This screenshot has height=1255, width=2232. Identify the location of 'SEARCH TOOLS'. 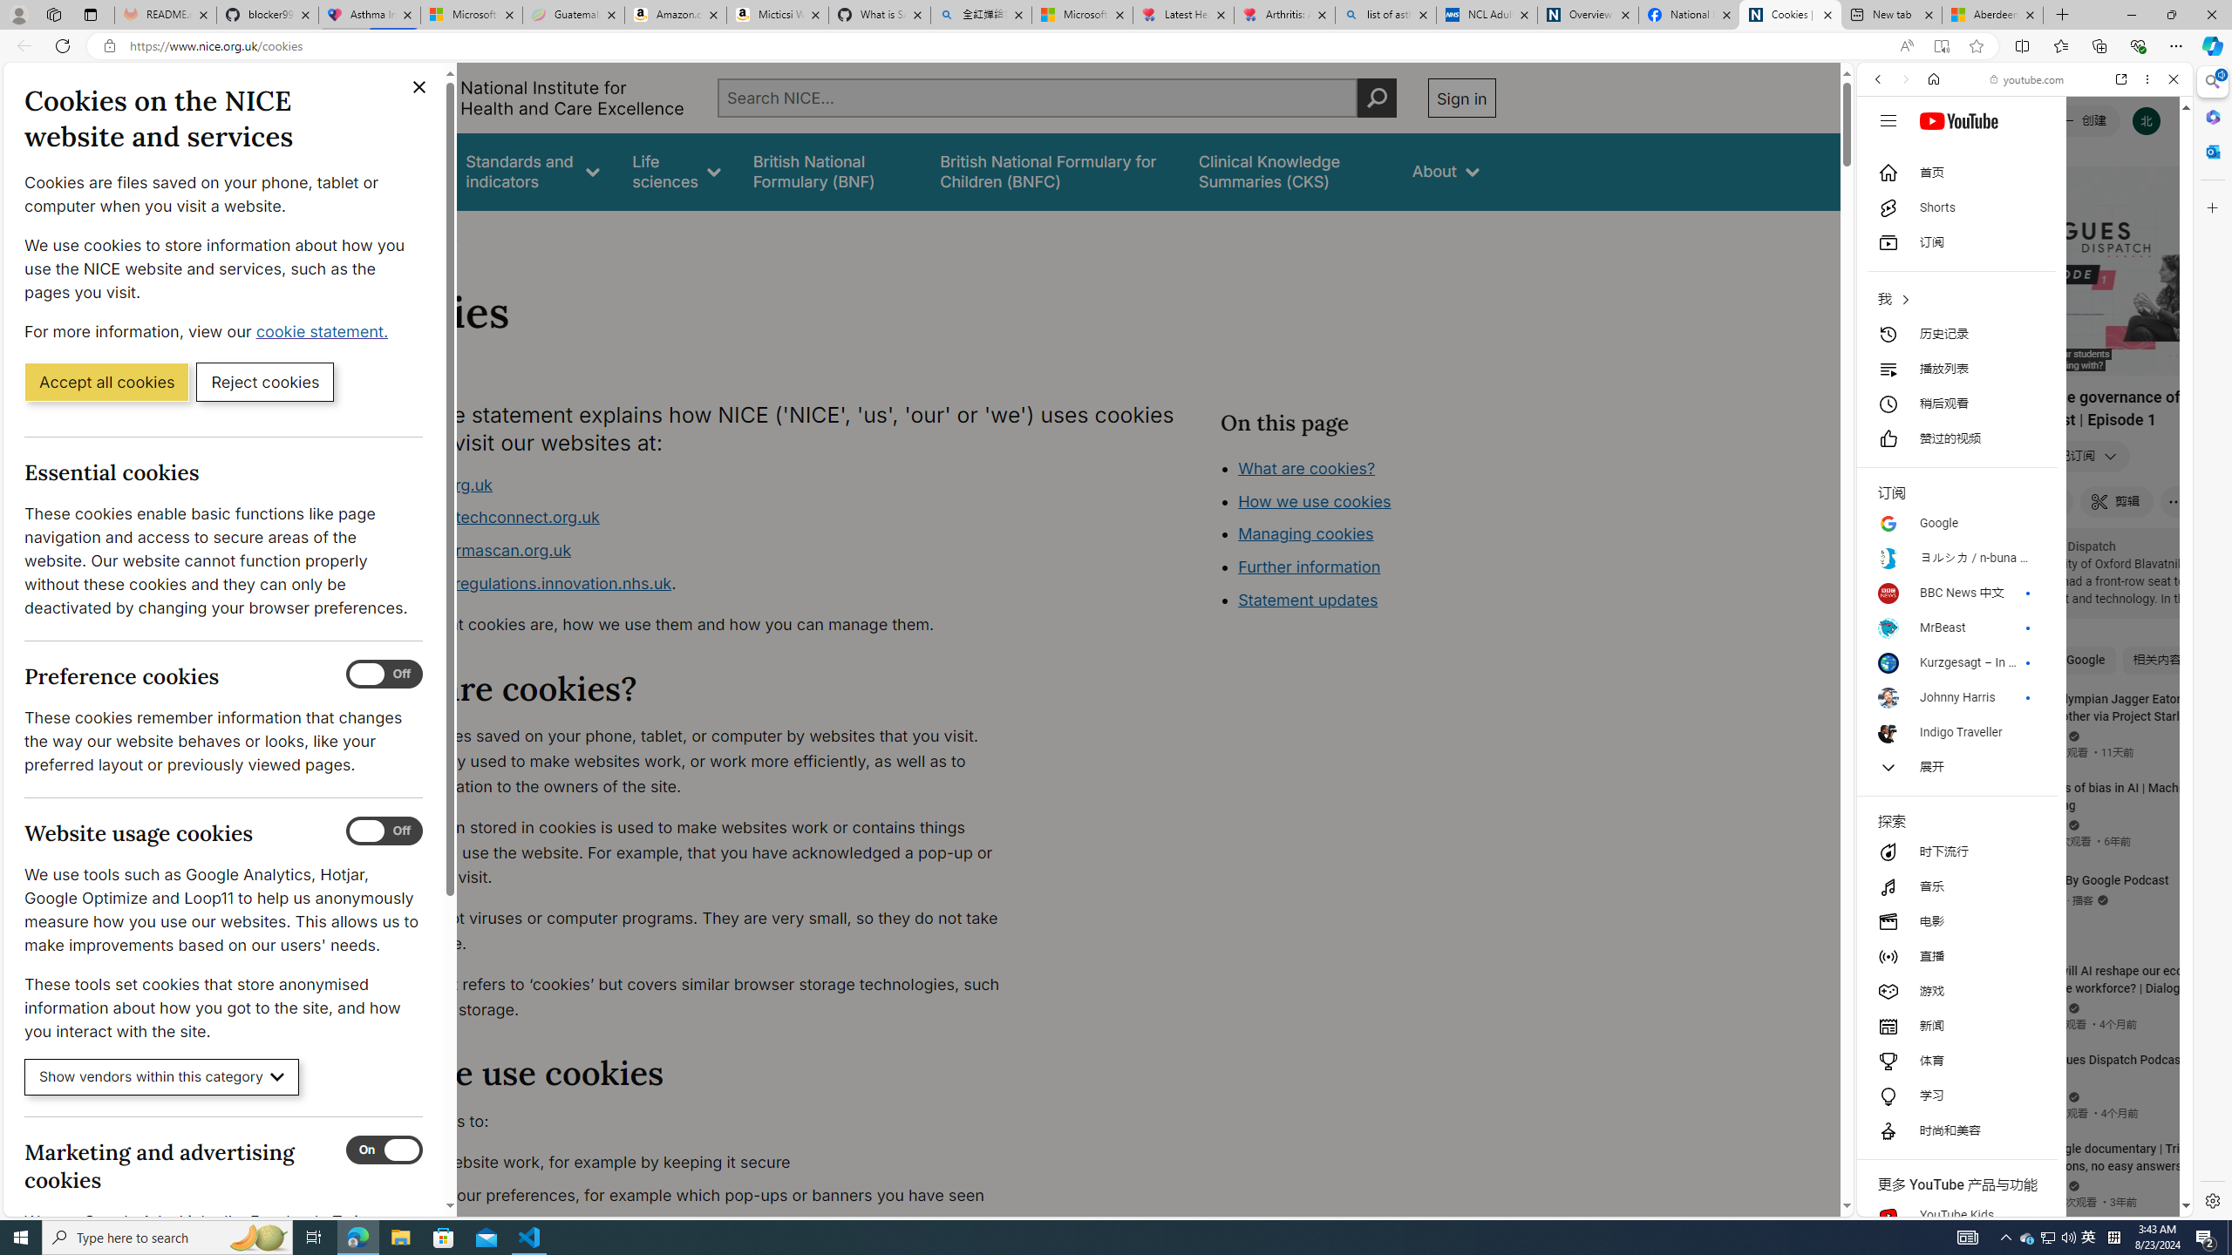
(2069, 200).